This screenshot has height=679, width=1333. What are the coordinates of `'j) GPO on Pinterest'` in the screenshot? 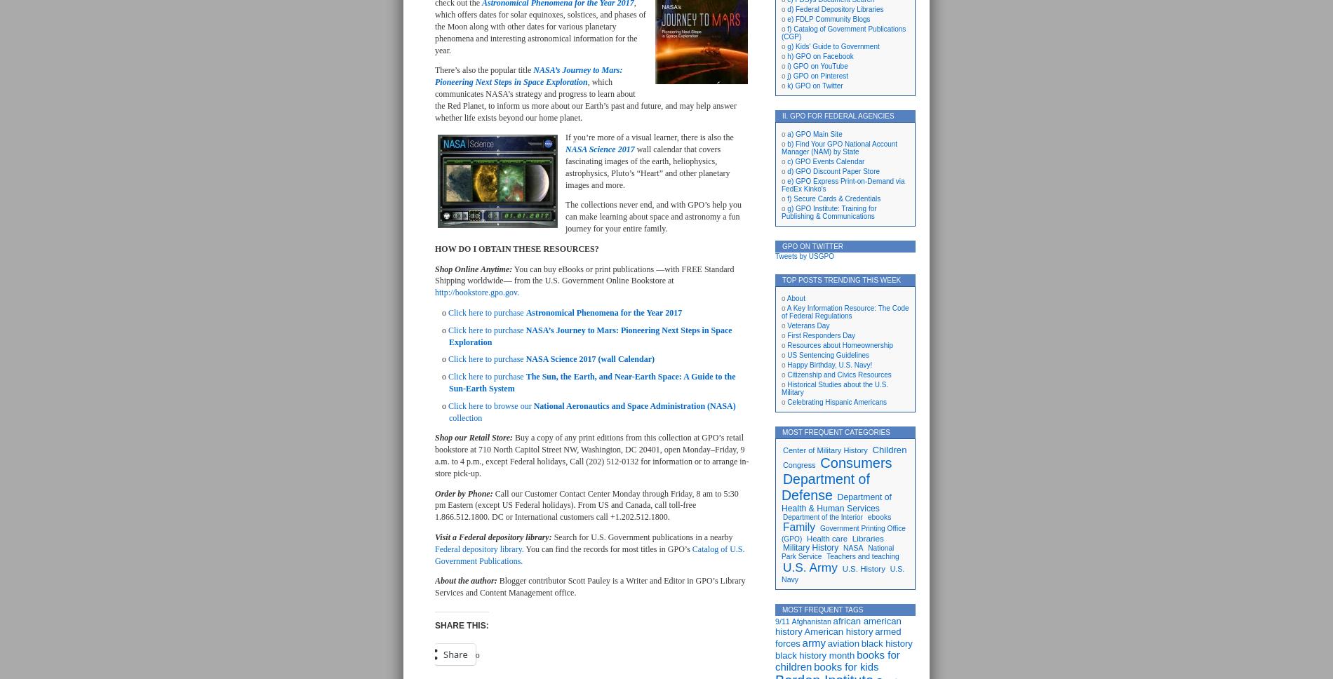 It's located at (786, 76).